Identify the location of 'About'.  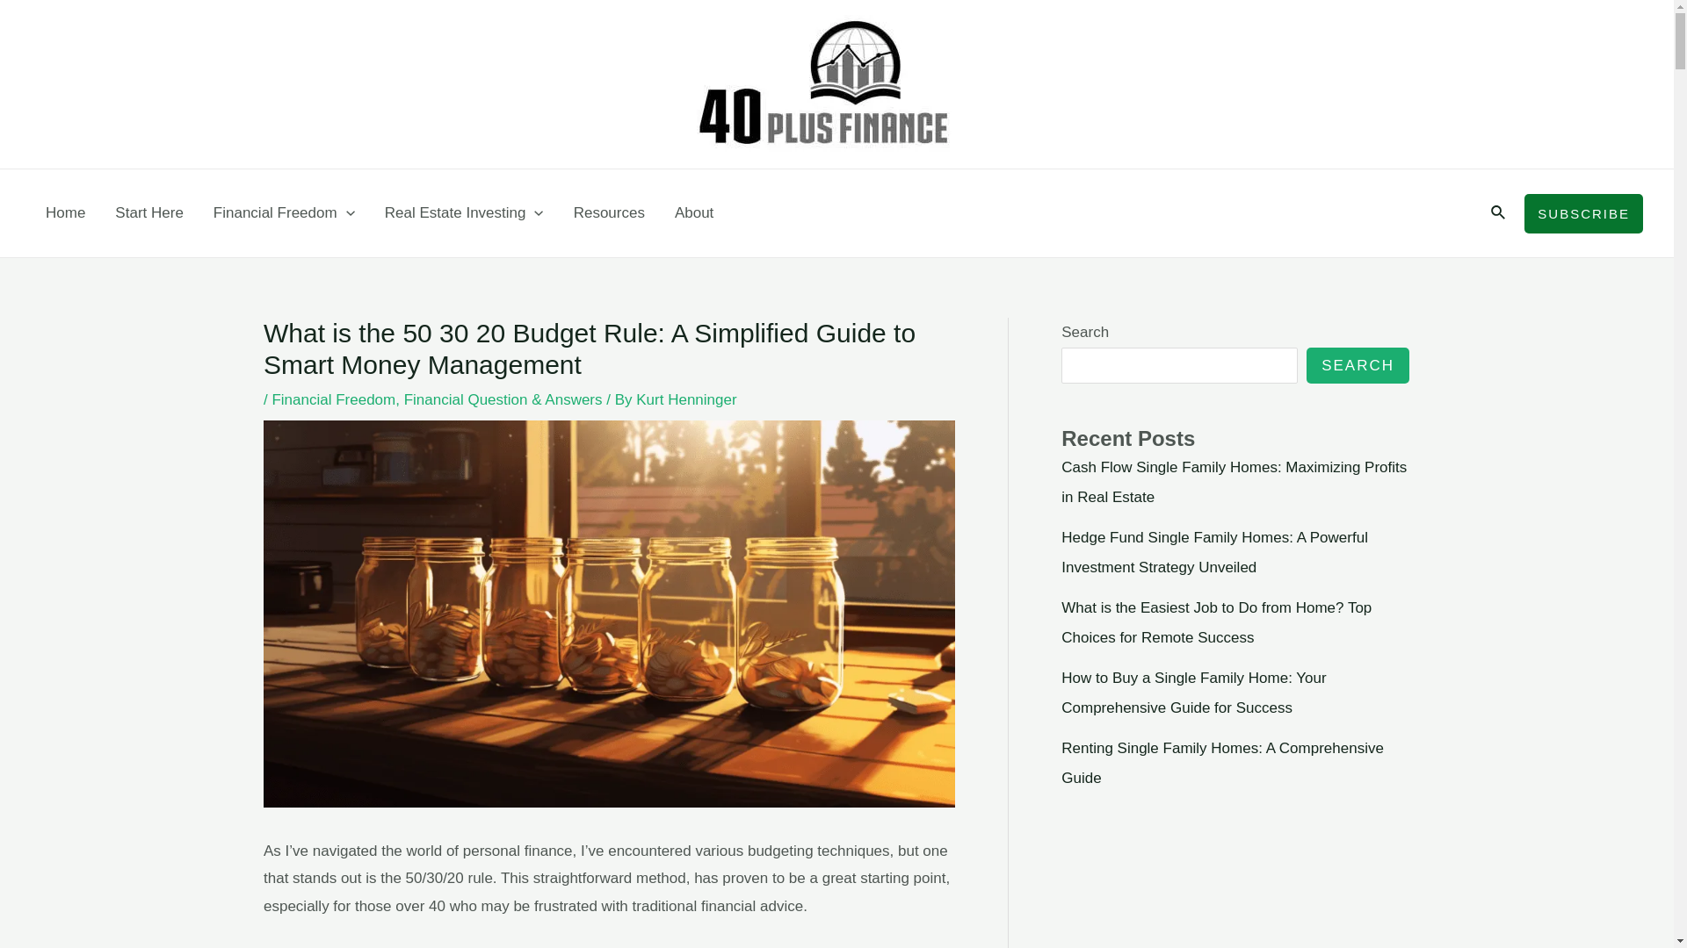
(693, 212).